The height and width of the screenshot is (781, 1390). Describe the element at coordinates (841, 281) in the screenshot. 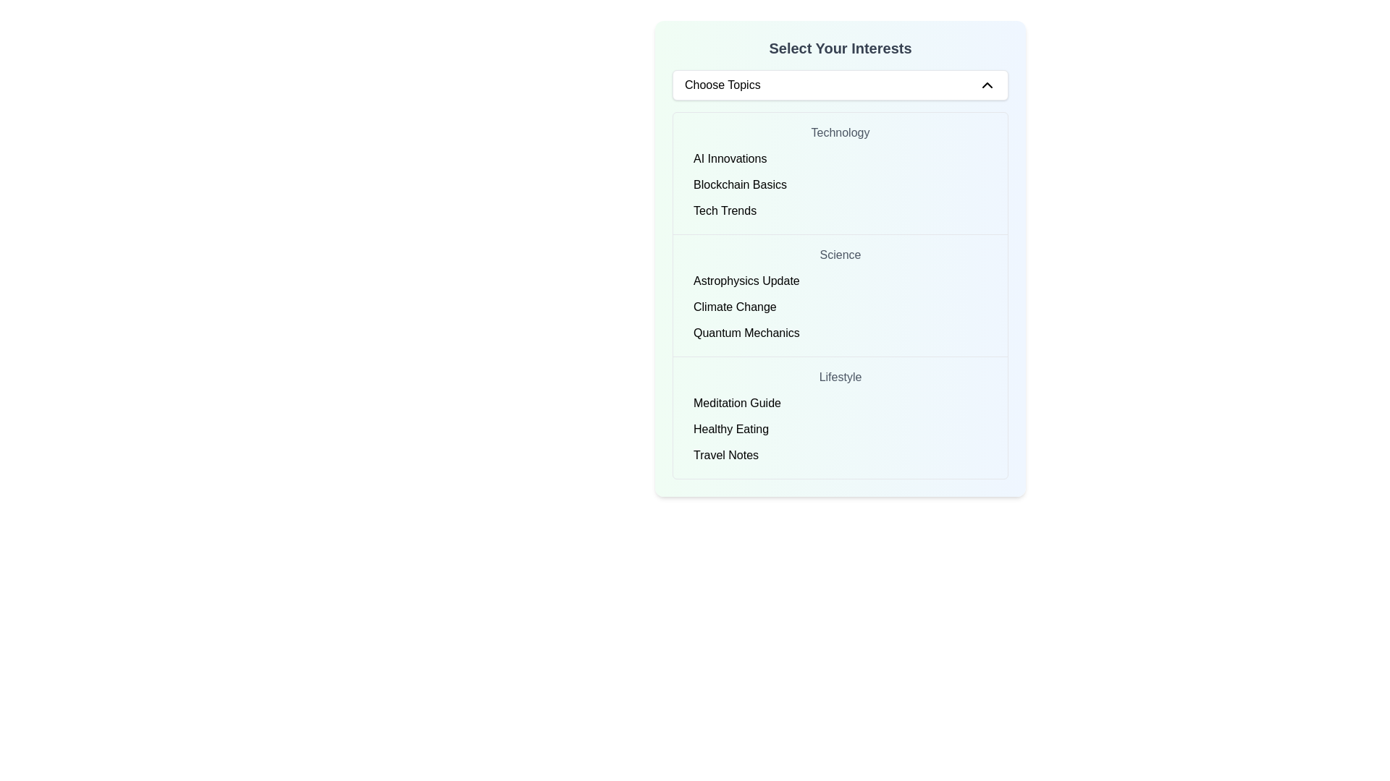

I see `the first list item labeled 'Astrophysics Update' under the 'Science' category` at that location.